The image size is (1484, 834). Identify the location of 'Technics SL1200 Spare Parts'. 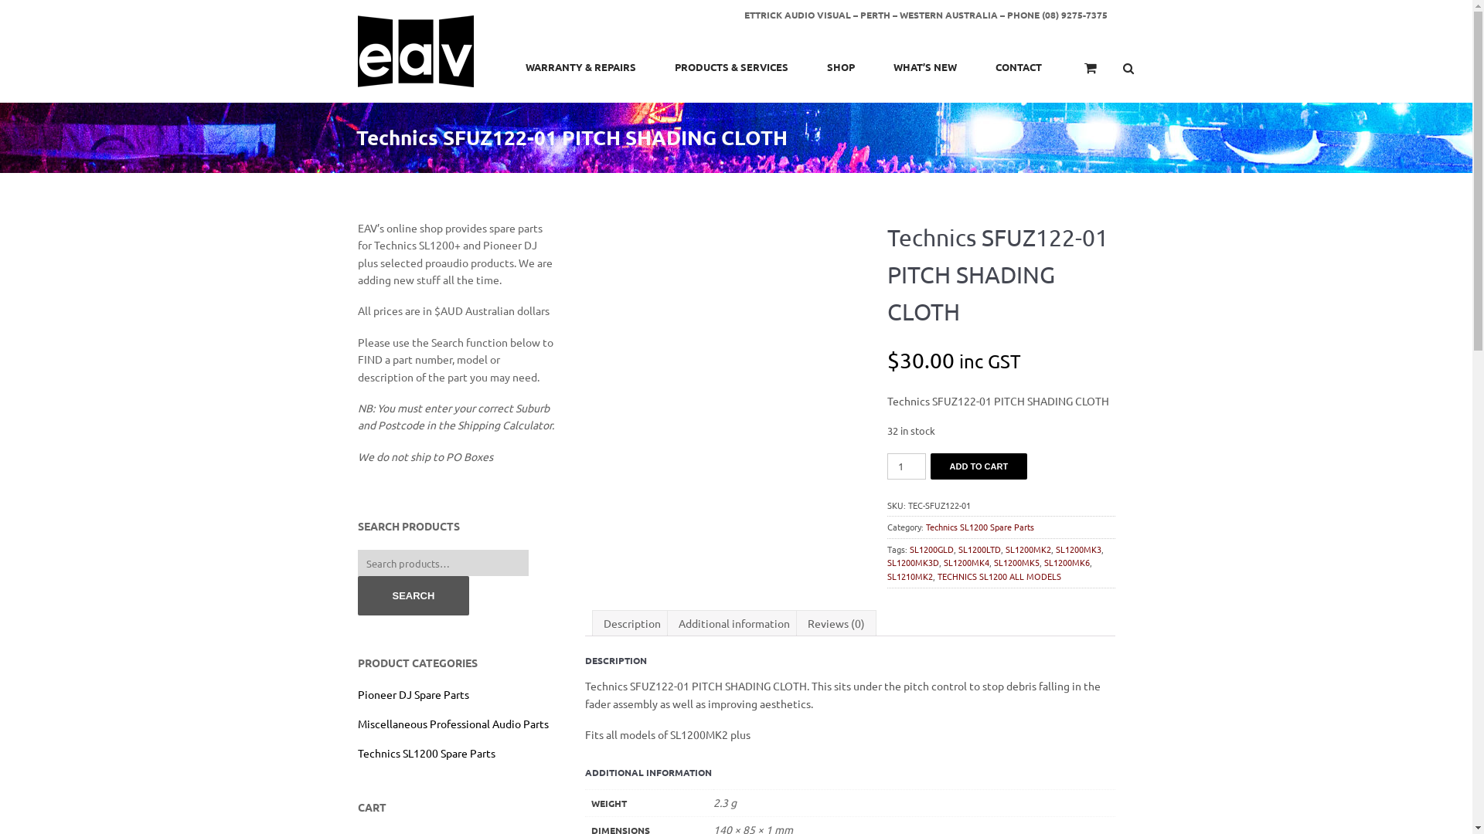
(926, 526).